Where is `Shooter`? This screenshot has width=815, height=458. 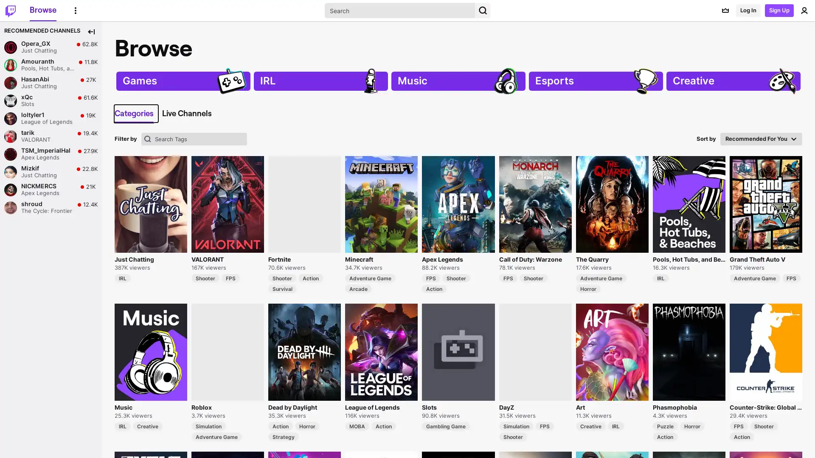
Shooter is located at coordinates (512, 436).